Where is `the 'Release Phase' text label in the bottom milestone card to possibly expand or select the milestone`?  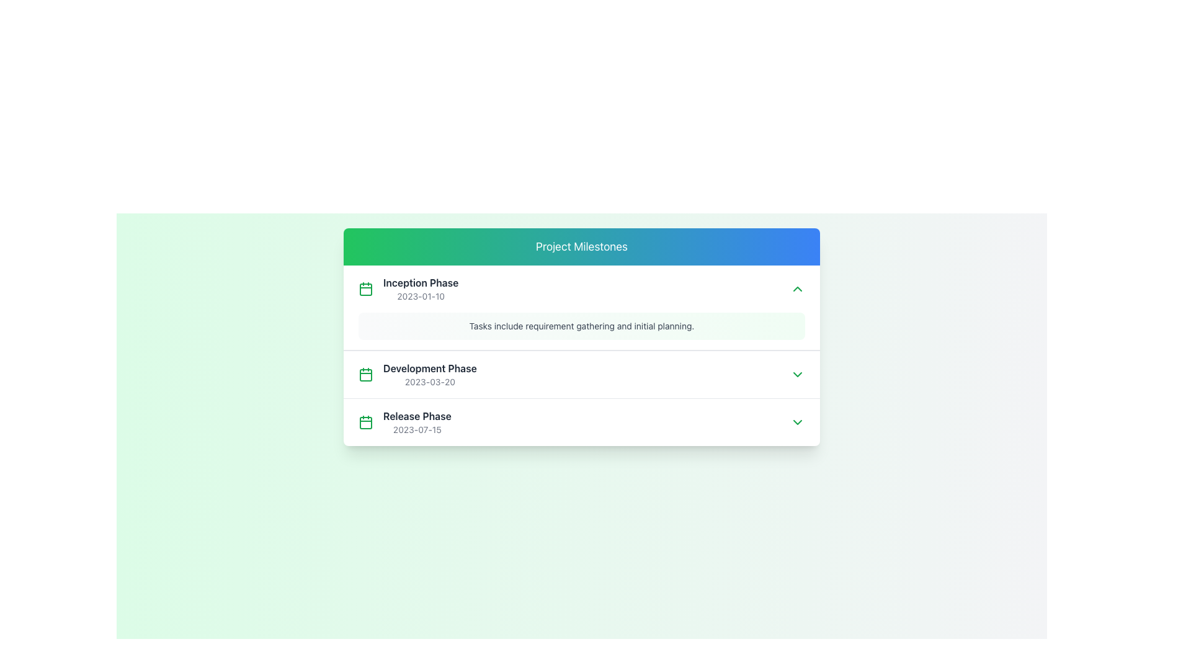
the 'Release Phase' text label in the bottom milestone card to possibly expand or select the milestone is located at coordinates (417, 422).